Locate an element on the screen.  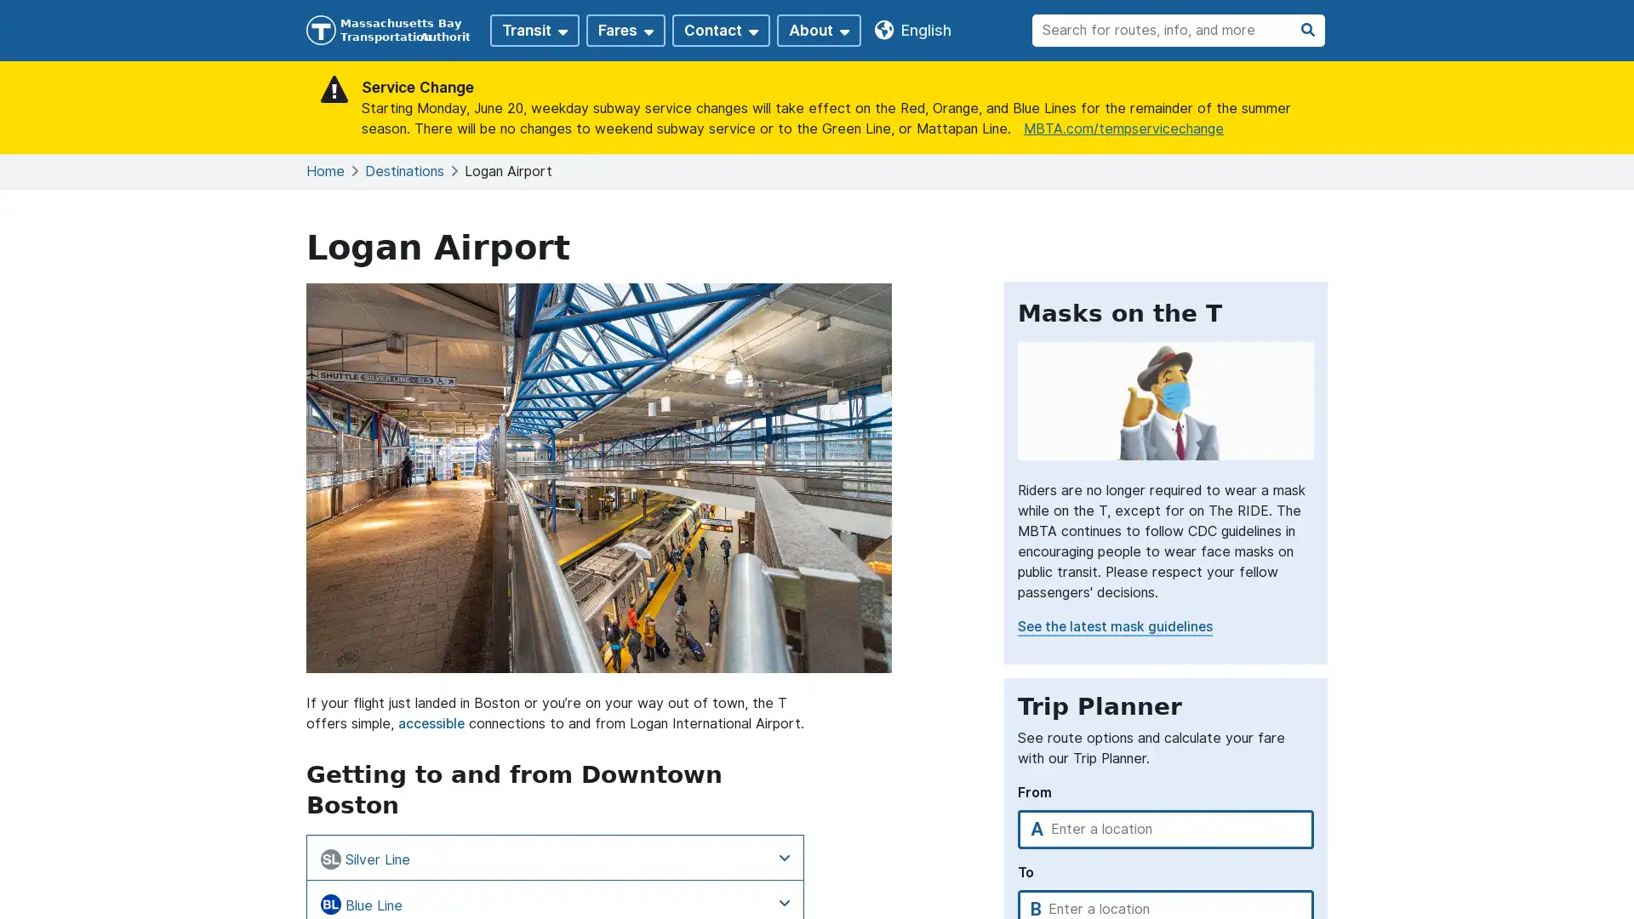
search is located at coordinates (1306, 30).